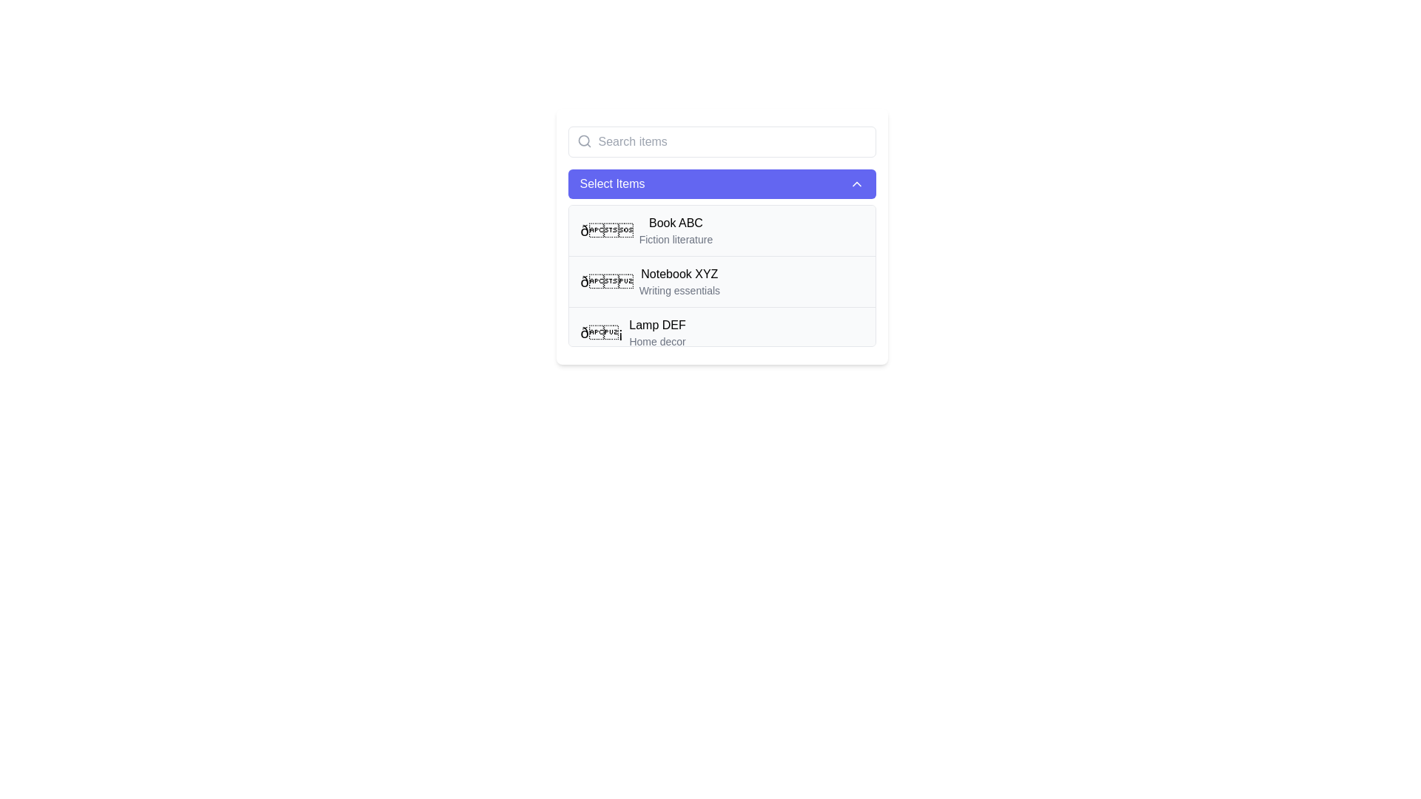 Image resolution: width=1421 pixels, height=799 pixels. Describe the element at coordinates (633, 333) in the screenshot. I see `the List Entry containing the emoji '💡' and the text 'Lamp DEF' with the description 'Home decor', which is the third entry in a dropdown interface` at that location.